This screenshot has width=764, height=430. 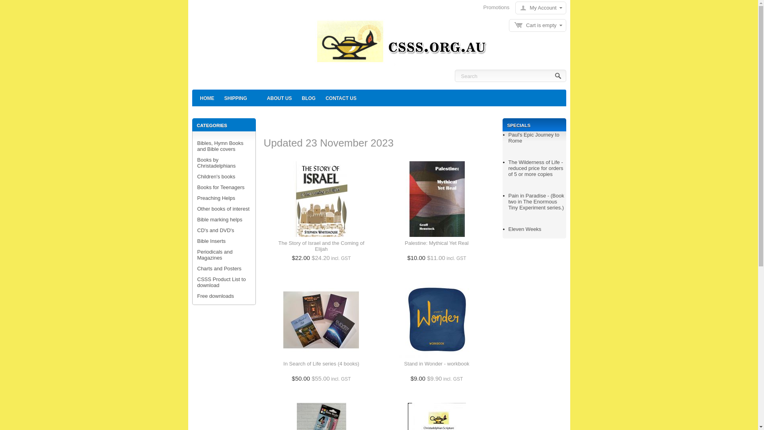 What do you see at coordinates (297, 98) in the screenshot?
I see `'BLOG'` at bounding box center [297, 98].